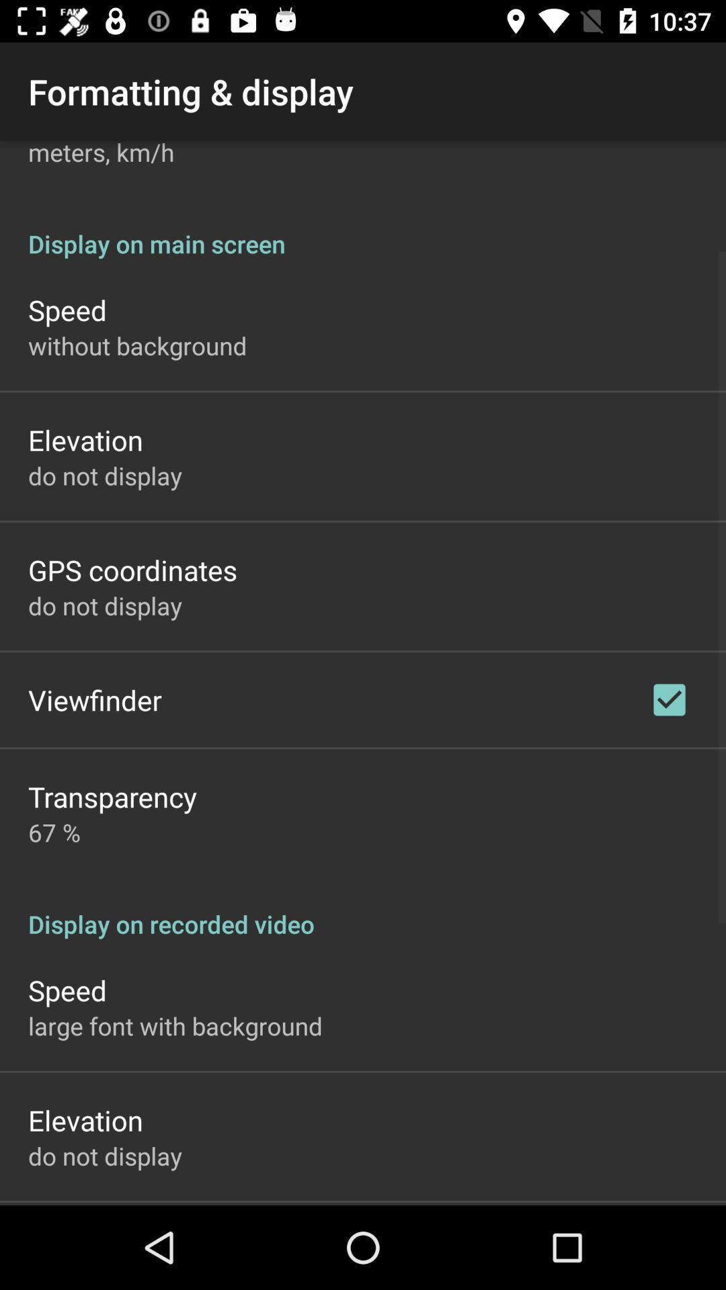 This screenshot has width=726, height=1290. What do you see at coordinates (100, 155) in the screenshot?
I see `item above the display on main` at bounding box center [100, 155].